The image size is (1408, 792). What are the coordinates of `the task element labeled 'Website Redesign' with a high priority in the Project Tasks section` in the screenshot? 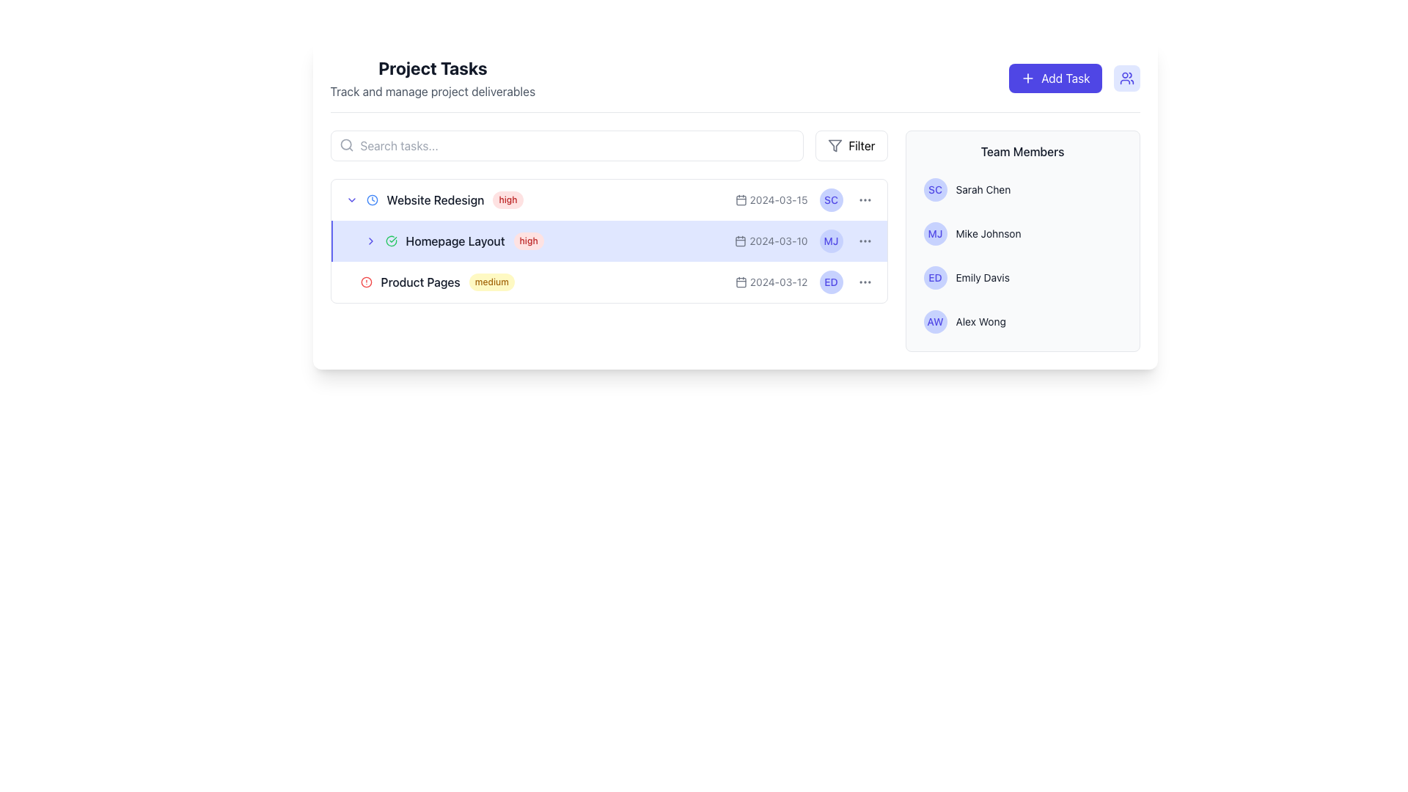 It's located at (560, 200).